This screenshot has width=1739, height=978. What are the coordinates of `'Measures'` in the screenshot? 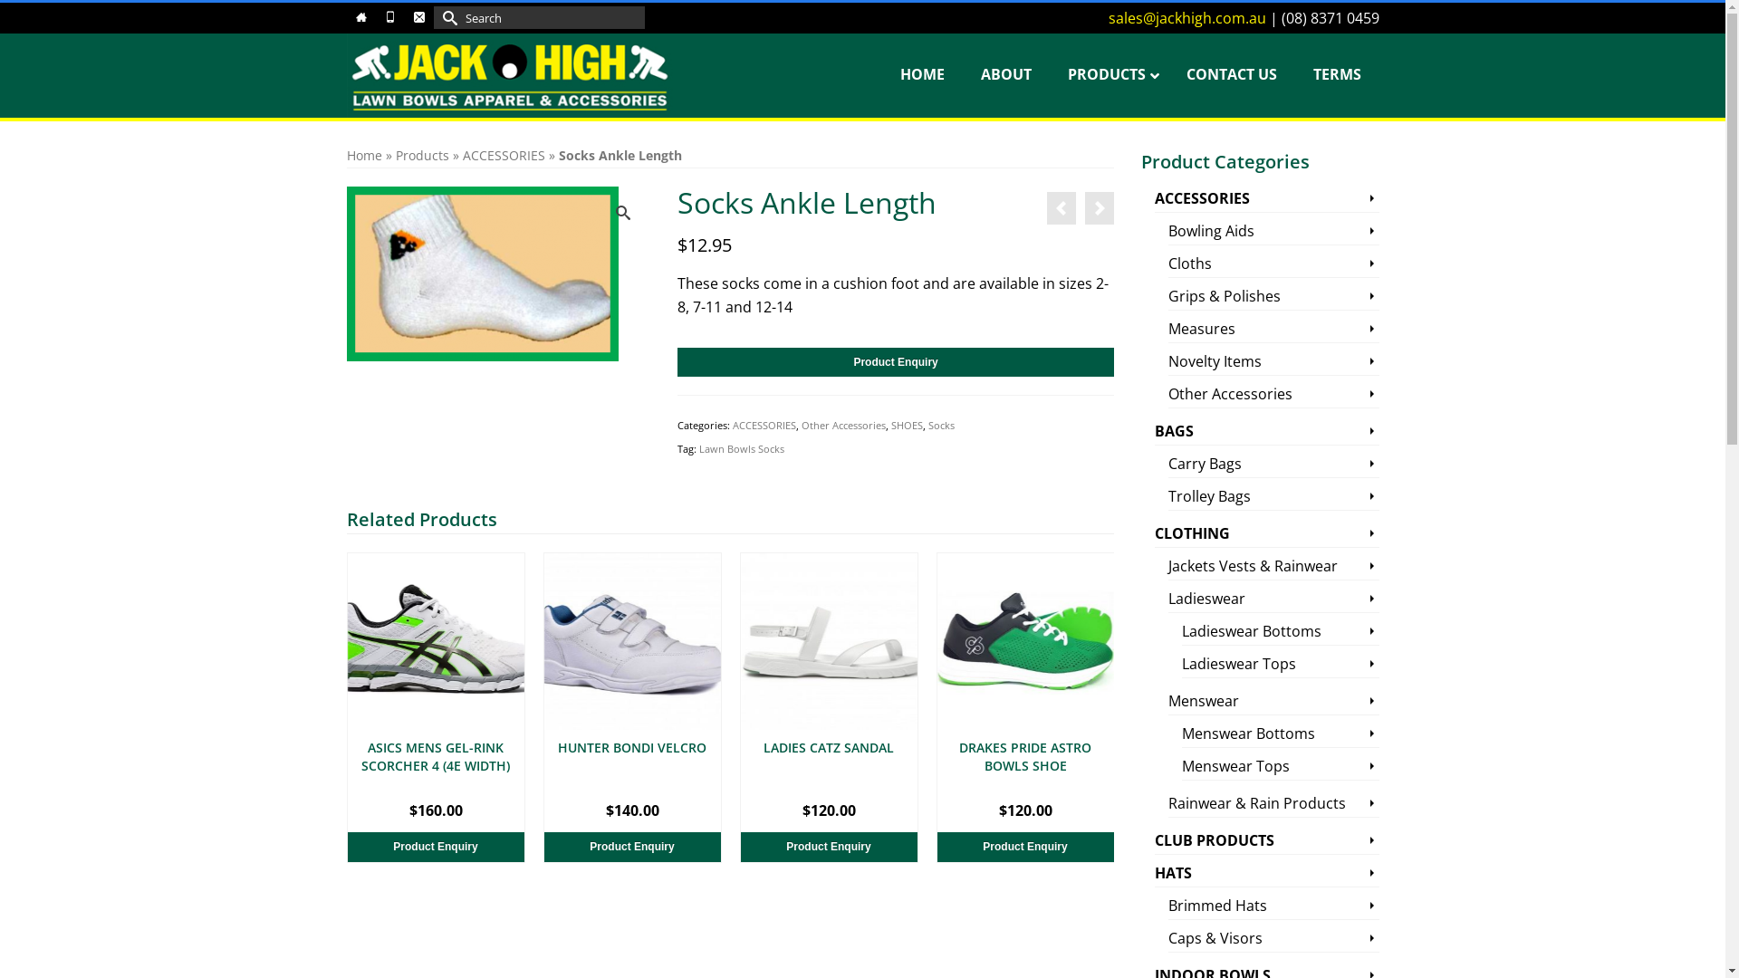 It's located at (1273, 329).